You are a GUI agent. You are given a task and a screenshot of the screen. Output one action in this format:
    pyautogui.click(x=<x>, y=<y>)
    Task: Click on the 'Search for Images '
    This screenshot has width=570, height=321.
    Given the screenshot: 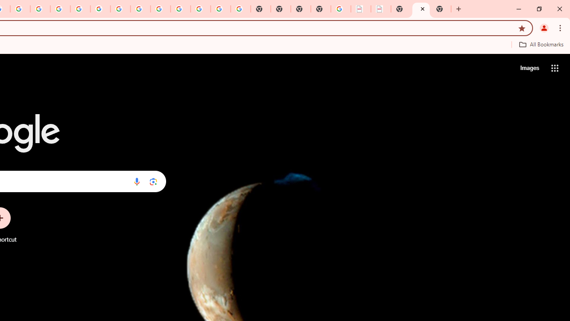 What is the action you would take?
    pyautogui.click(x=529, y=68)
    